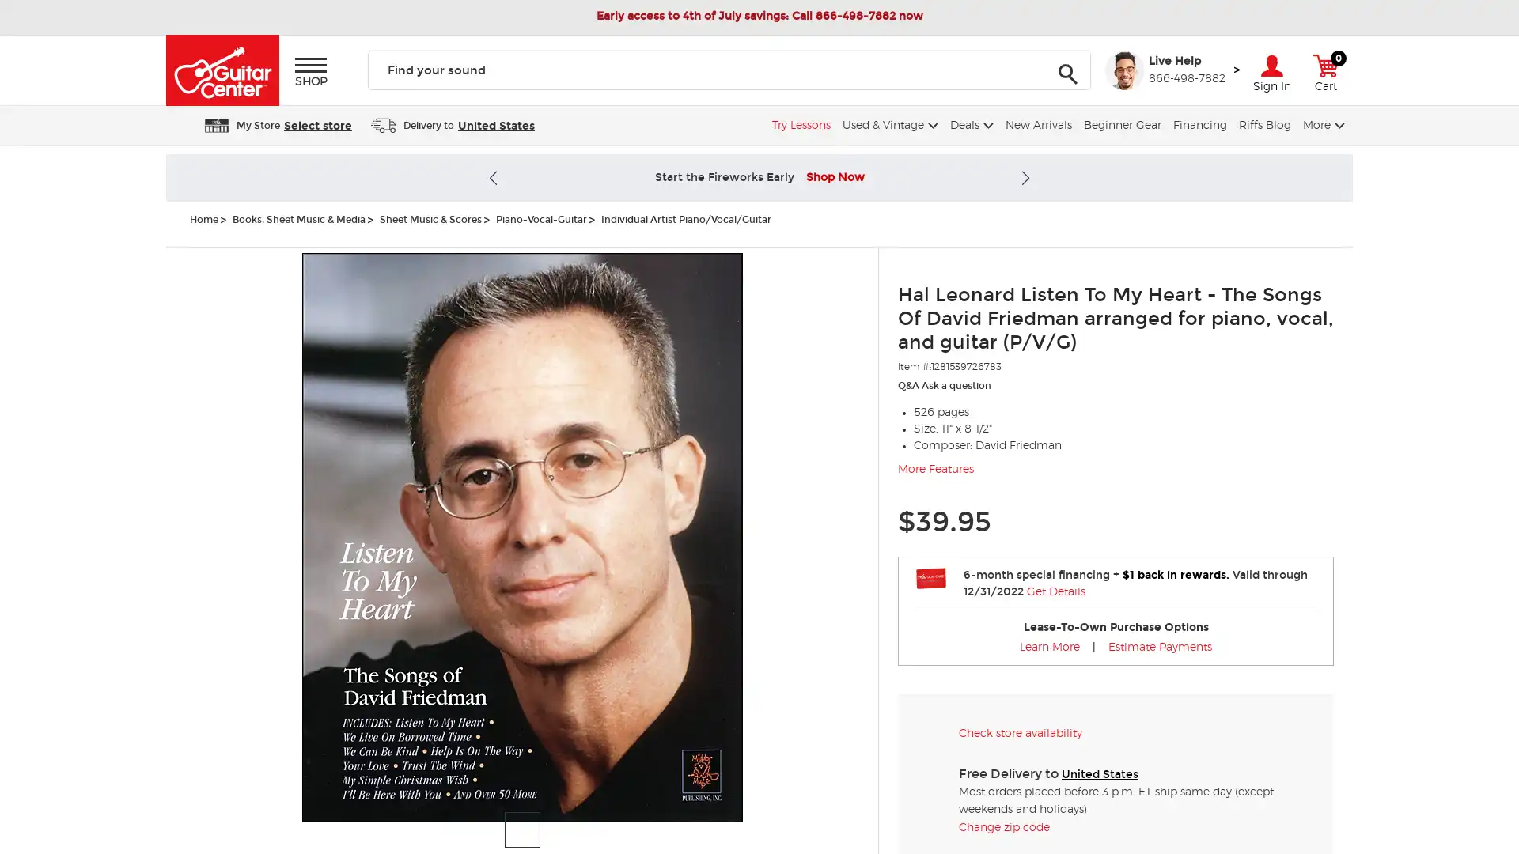 The width and height of the screenshot is (1519, 854). I want to click on Financing, so click(1198, 124).